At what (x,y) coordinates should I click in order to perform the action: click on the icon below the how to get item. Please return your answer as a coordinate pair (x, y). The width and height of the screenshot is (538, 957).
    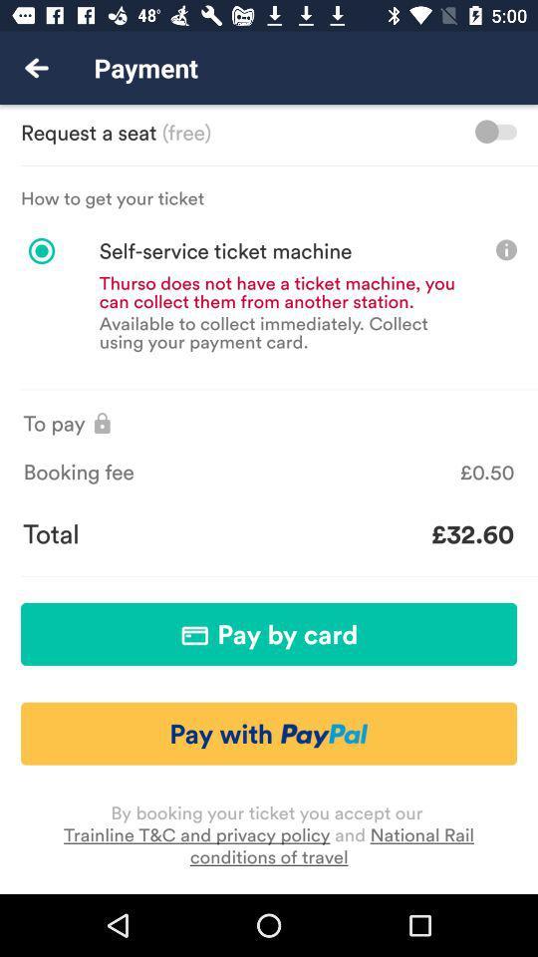
    Looking at the image, I should click on (197, 250).